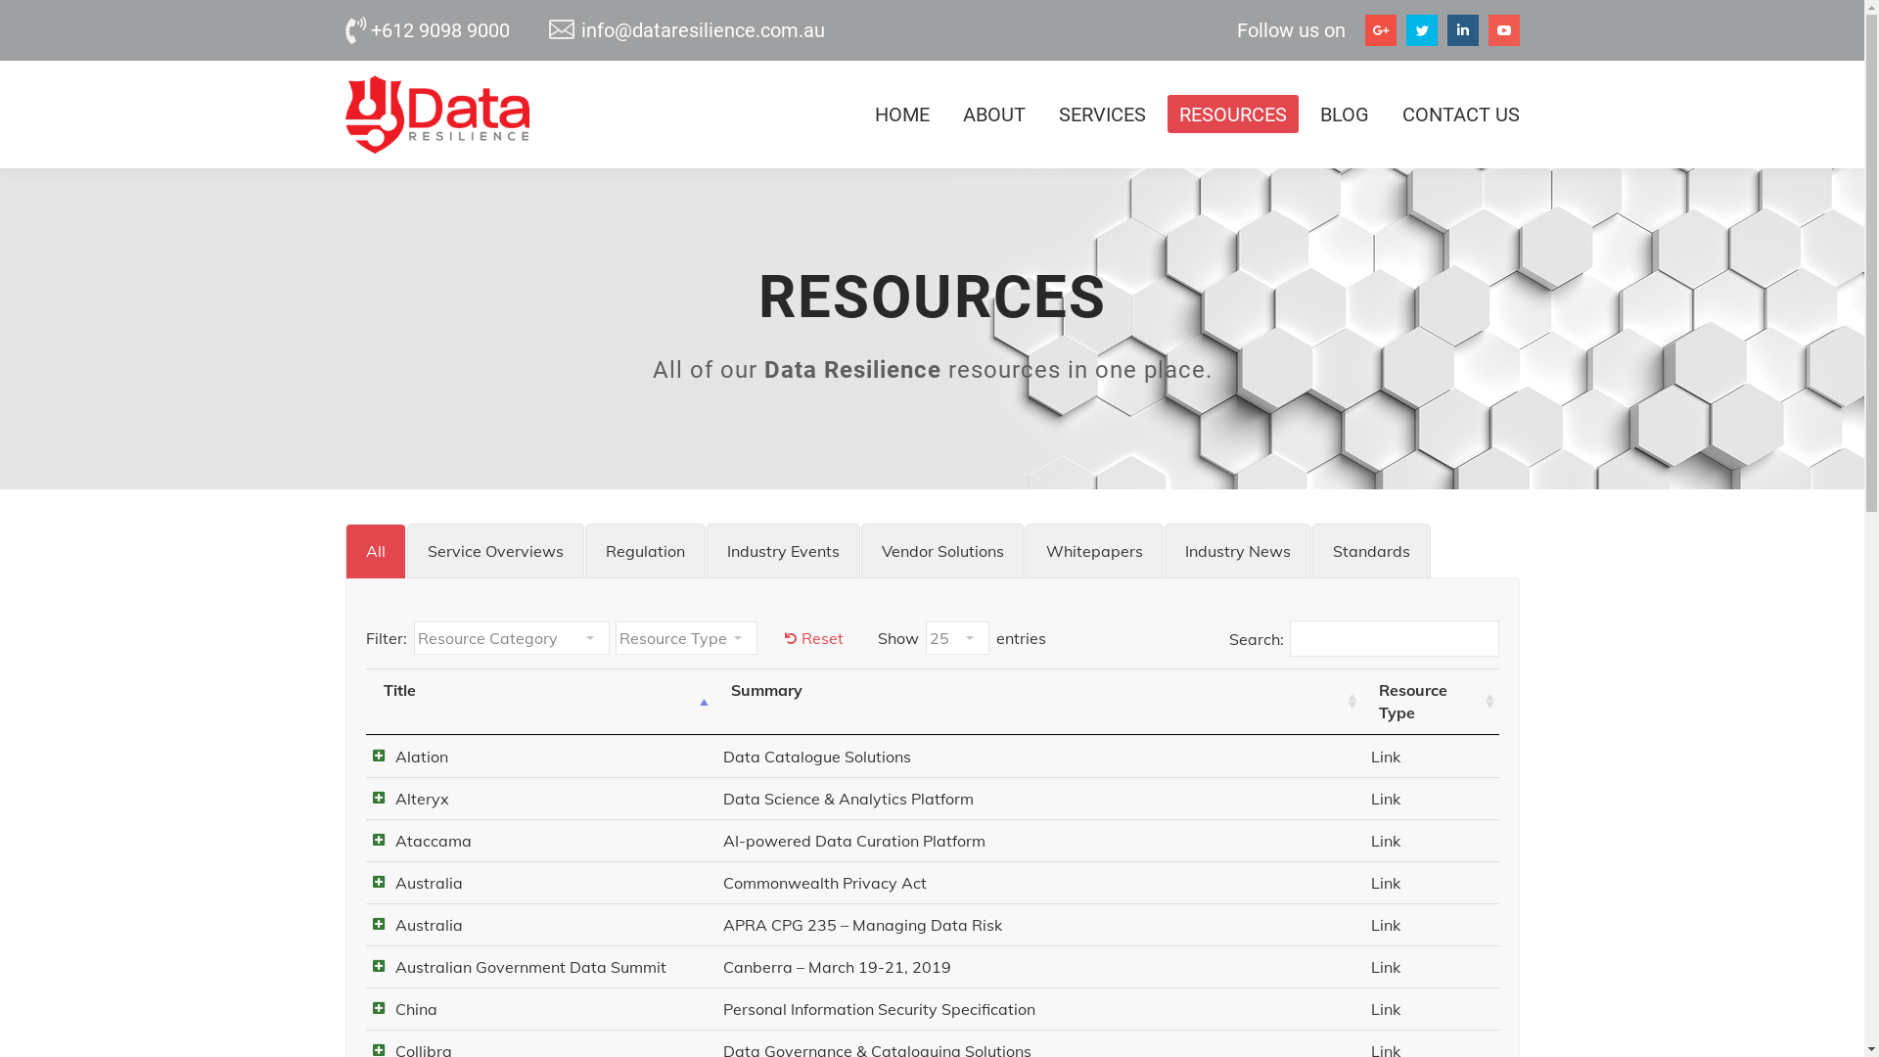 The height and width of the screenshot is (1057, 1879). What do you see at coordinates (1446, 29) in the screenshot?
I see `'Linkedin'` at bounding box center [1446, 29].